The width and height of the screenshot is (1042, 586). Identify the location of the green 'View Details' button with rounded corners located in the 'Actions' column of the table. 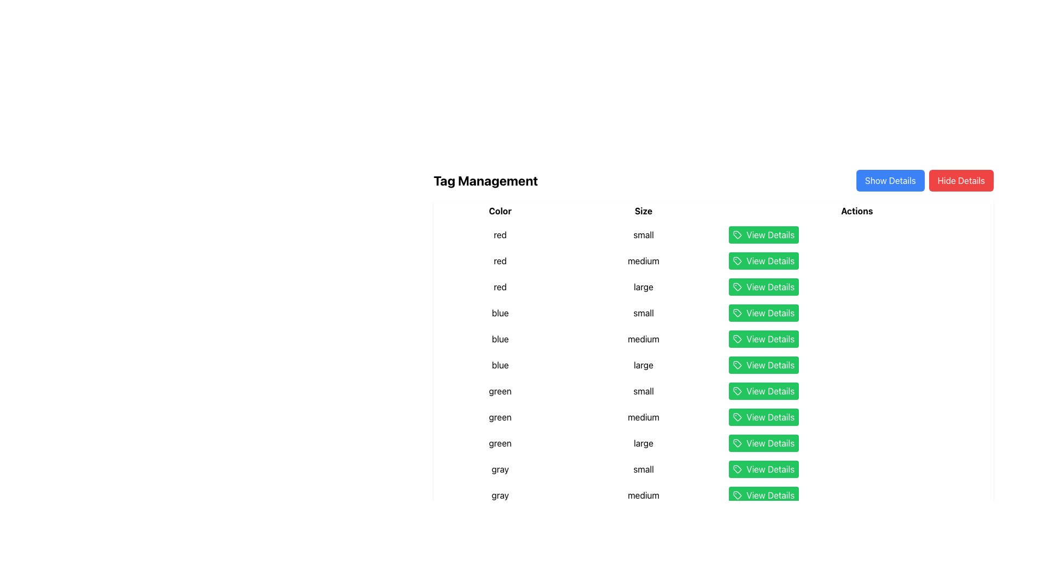
(763, 365).